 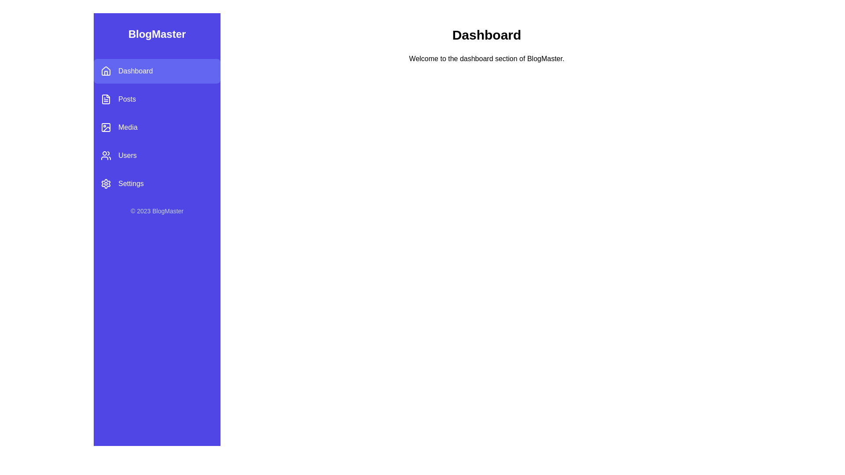 What do you see at coordinates (106, 183) in the screenshot?
I see `the gear icon associated with the 'Settings' label in the left sidebar` at bounding box center [106, 183].